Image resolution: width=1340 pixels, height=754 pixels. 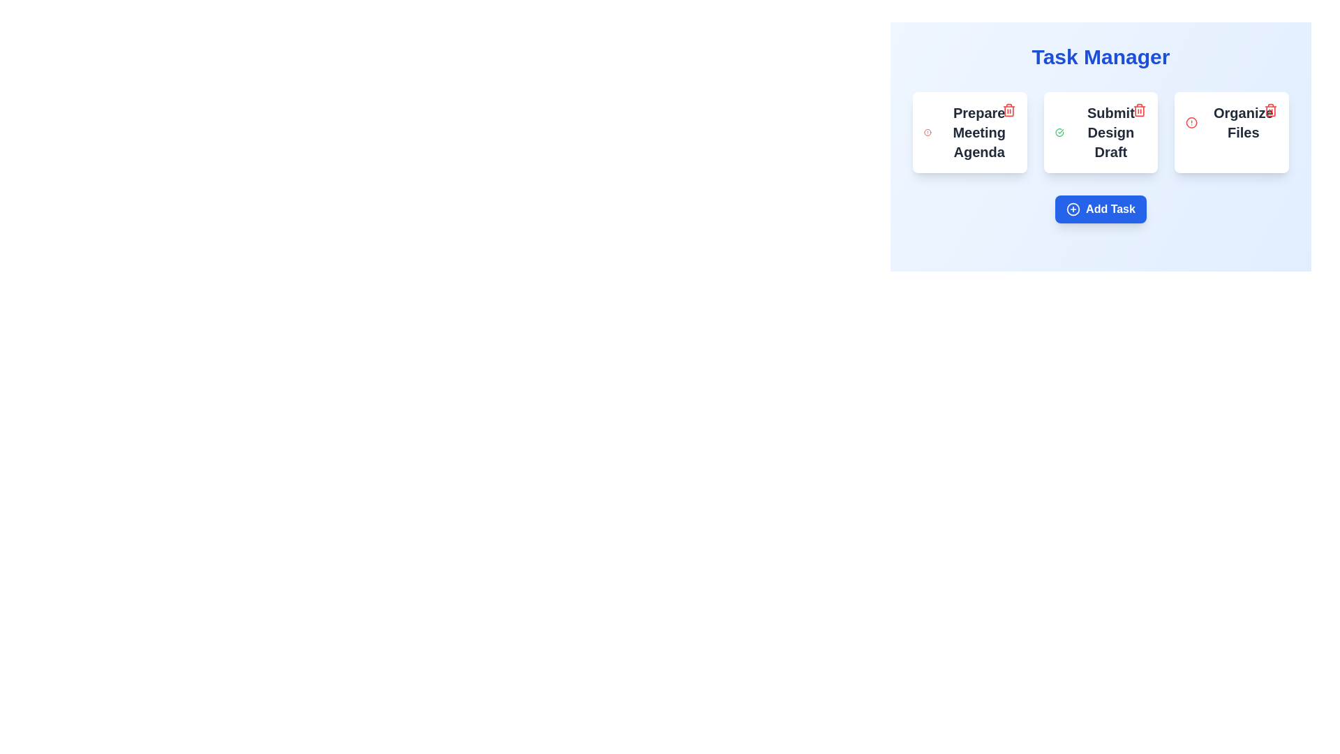 What do you see at coordinates (978, 132) in the screenshot?
I see `text of the large, bold heading that says 'Prepare Meeting Agenda', which is located in the upper left corner of the leftmost task card within the 'Task Manager' section` at bounding box center [978, 132].